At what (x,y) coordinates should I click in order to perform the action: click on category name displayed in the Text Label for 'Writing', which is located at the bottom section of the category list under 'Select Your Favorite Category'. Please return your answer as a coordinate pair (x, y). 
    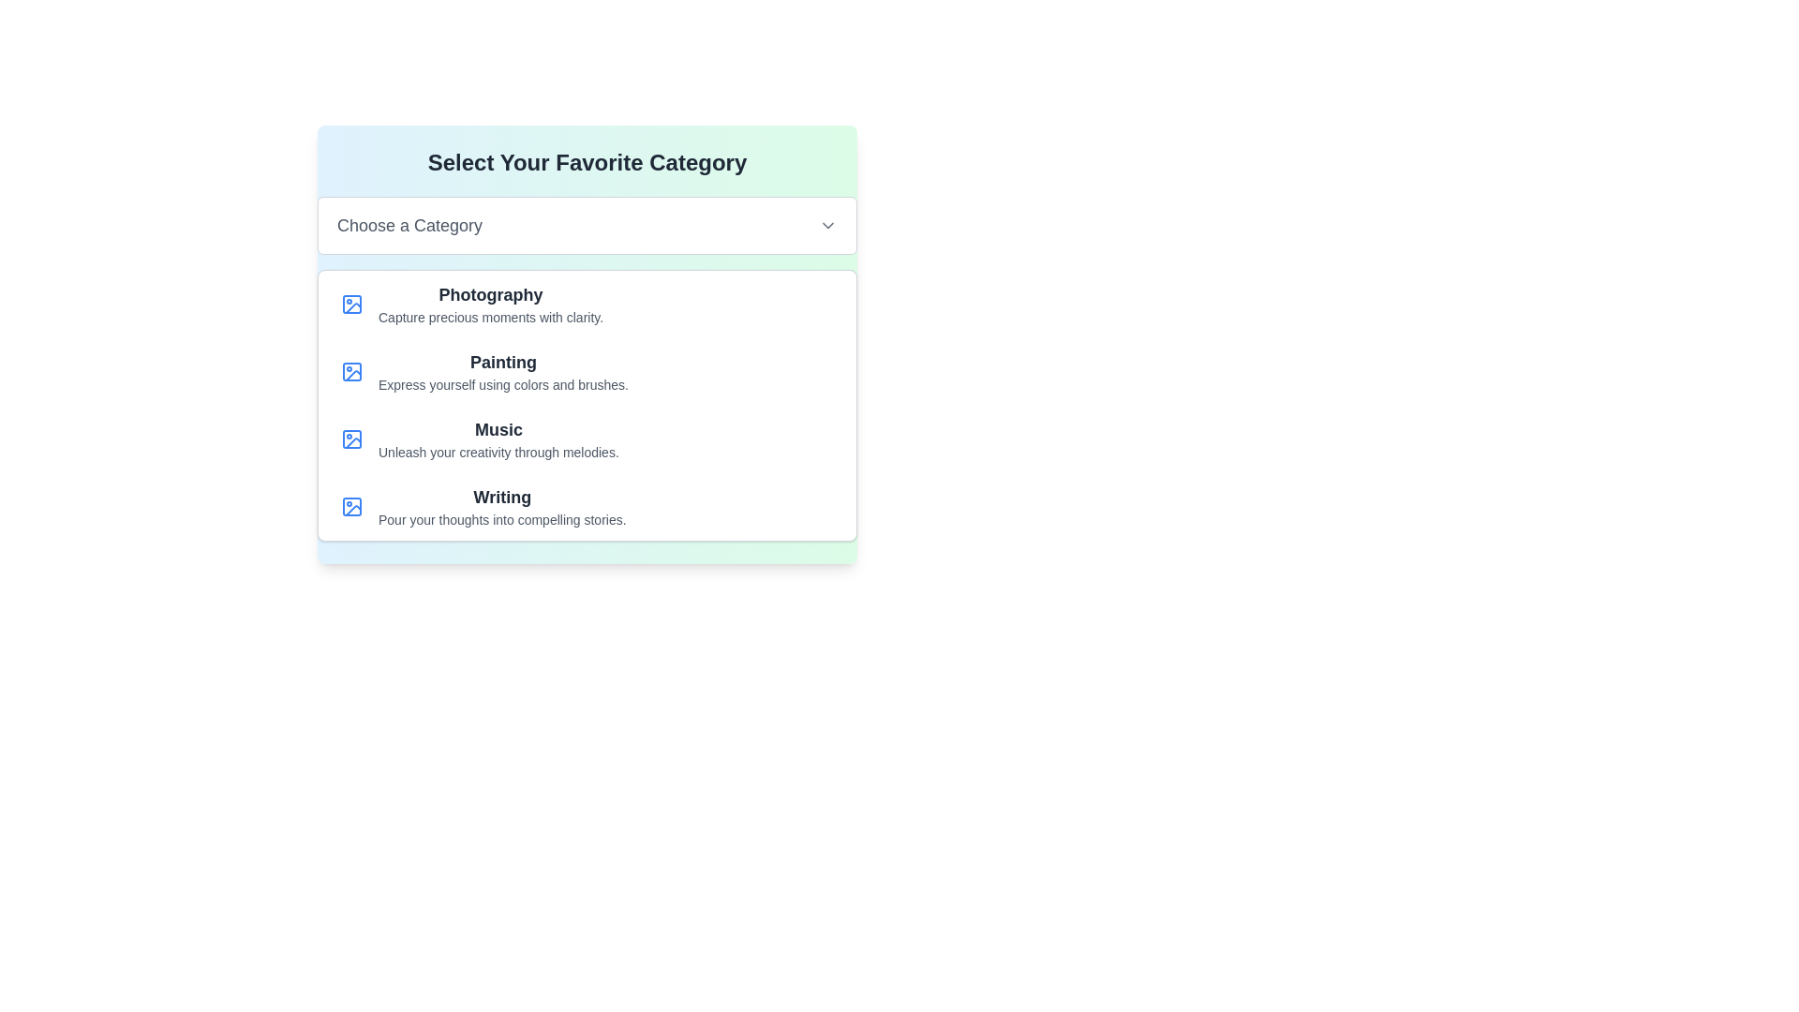
    Looking at the image, I should click on (502, 497).